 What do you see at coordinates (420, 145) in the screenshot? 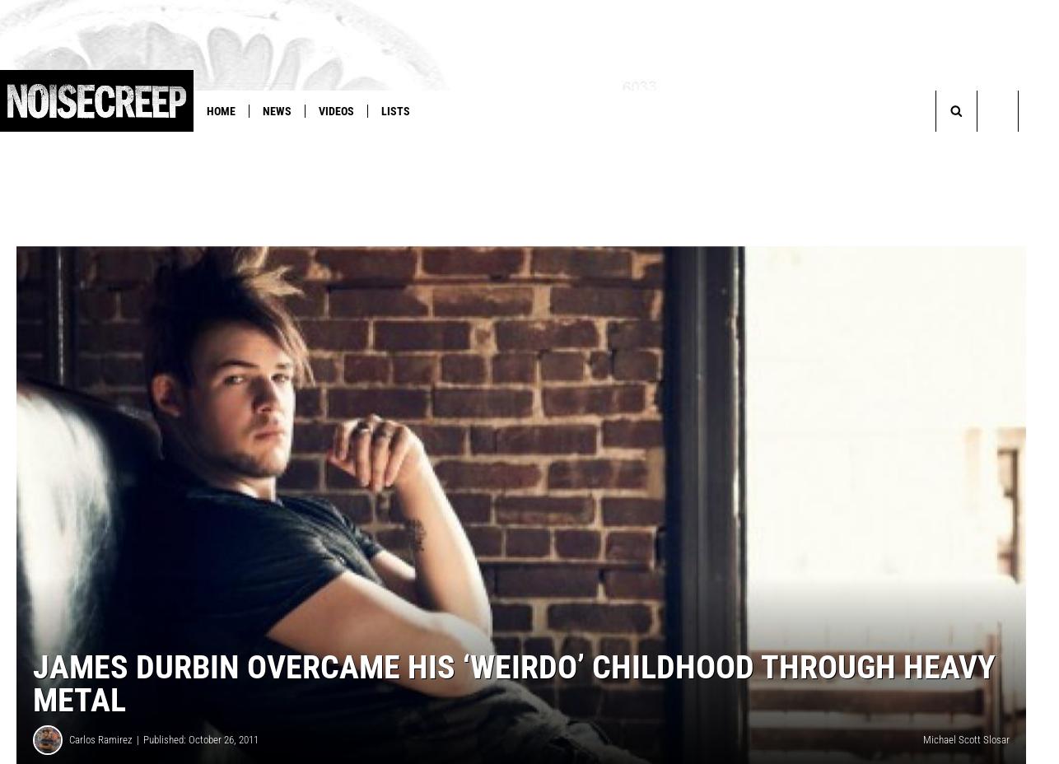
I see `'Judas Priest'` at bounding box center [420, 145].